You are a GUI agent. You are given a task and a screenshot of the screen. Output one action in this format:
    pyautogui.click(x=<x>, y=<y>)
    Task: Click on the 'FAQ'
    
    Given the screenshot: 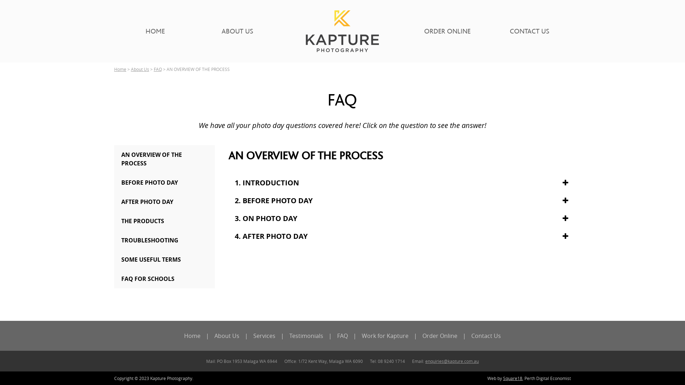 What is the action you would take?
    pyautogui.click(x=342, y=335)
    